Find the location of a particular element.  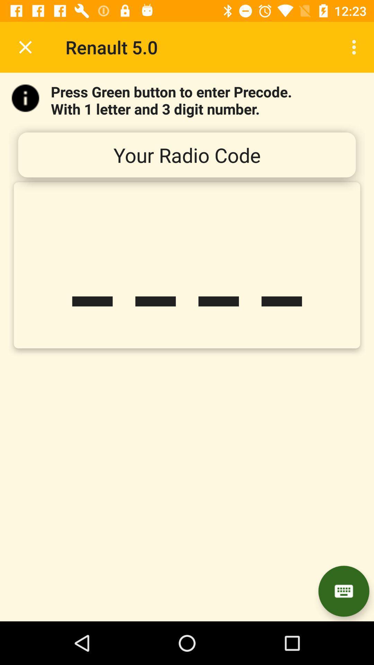

letter number pad is located at coordinates (344, 591).